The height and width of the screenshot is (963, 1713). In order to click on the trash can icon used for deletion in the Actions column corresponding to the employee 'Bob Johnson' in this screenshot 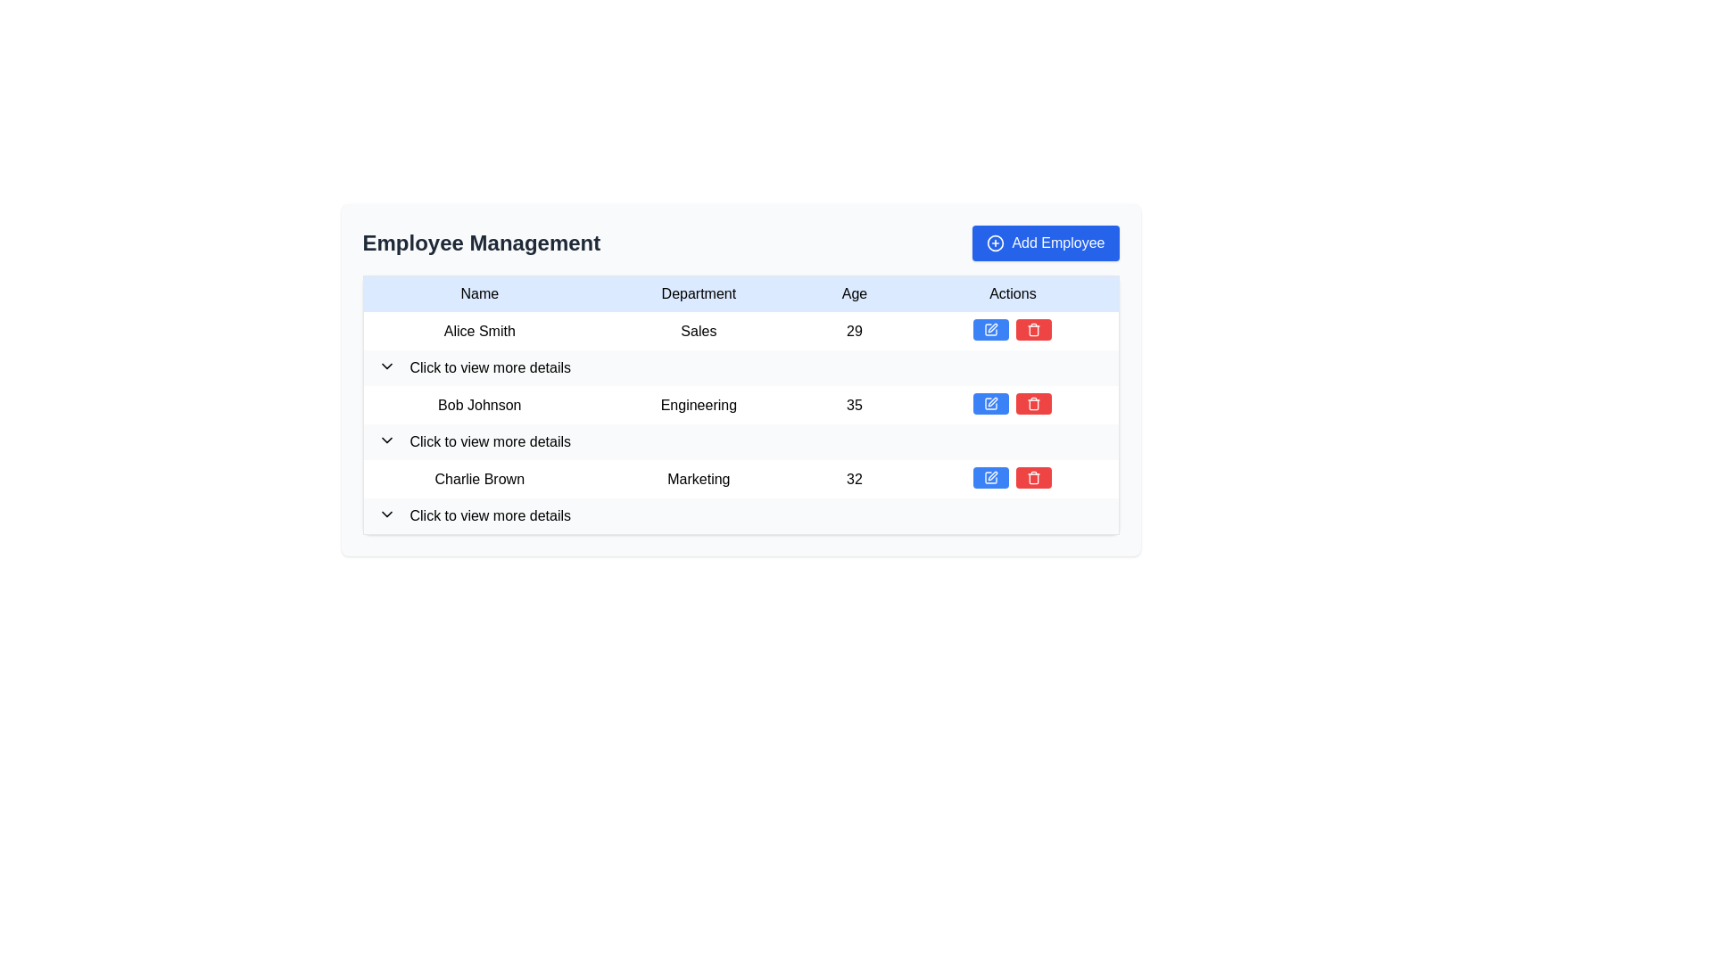, I will do `click(1034, 405)`.